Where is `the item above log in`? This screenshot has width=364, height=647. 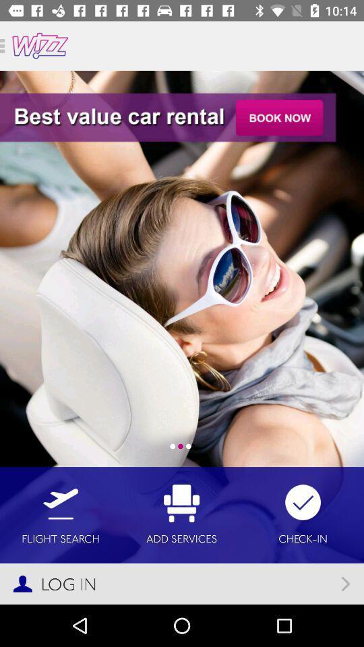 the item above log in is located at coordinates (60, 514).